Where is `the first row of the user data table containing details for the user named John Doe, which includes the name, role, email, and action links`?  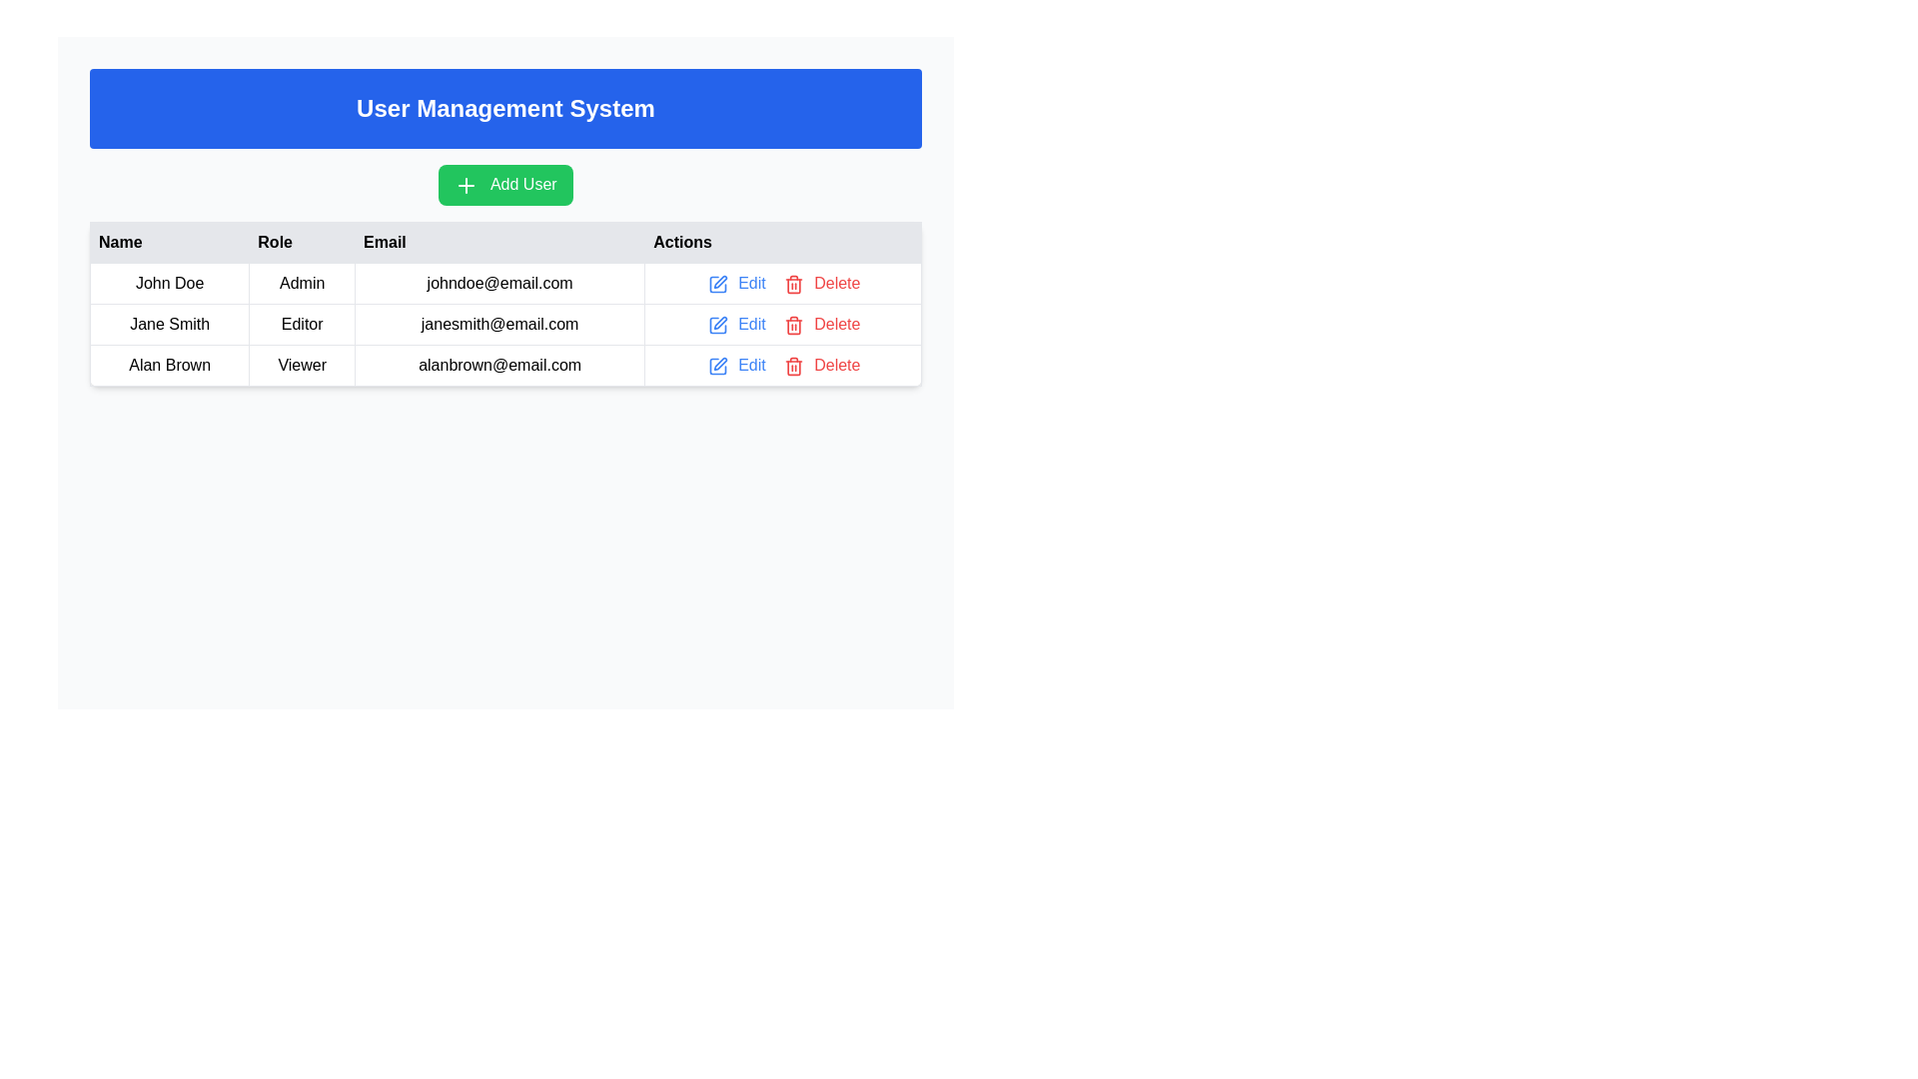
the first row of the user data table containing details for the user named John Doe, which includes the name, role, email, and action links is located at coordinates (505, 304).